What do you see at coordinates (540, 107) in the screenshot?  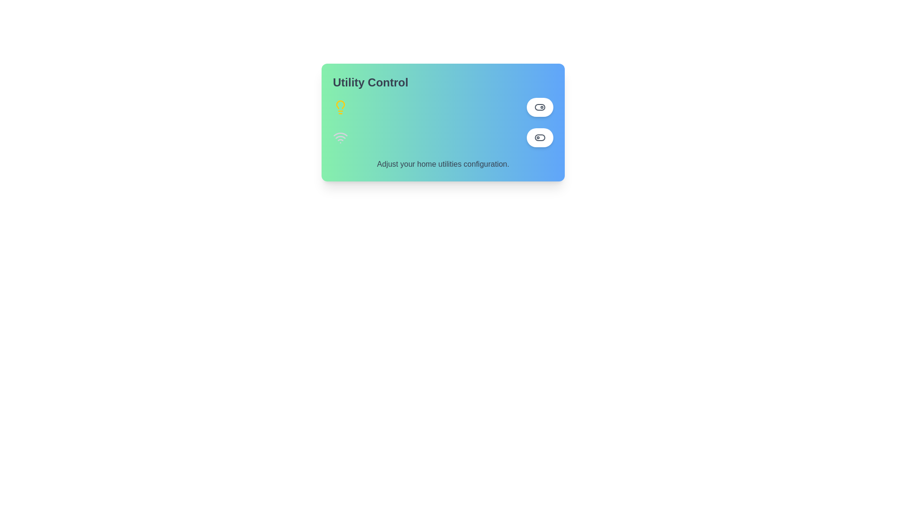 I see `the toggle switch located at the bottom right corner of a rounded white box` at bounding box center [540, 107].